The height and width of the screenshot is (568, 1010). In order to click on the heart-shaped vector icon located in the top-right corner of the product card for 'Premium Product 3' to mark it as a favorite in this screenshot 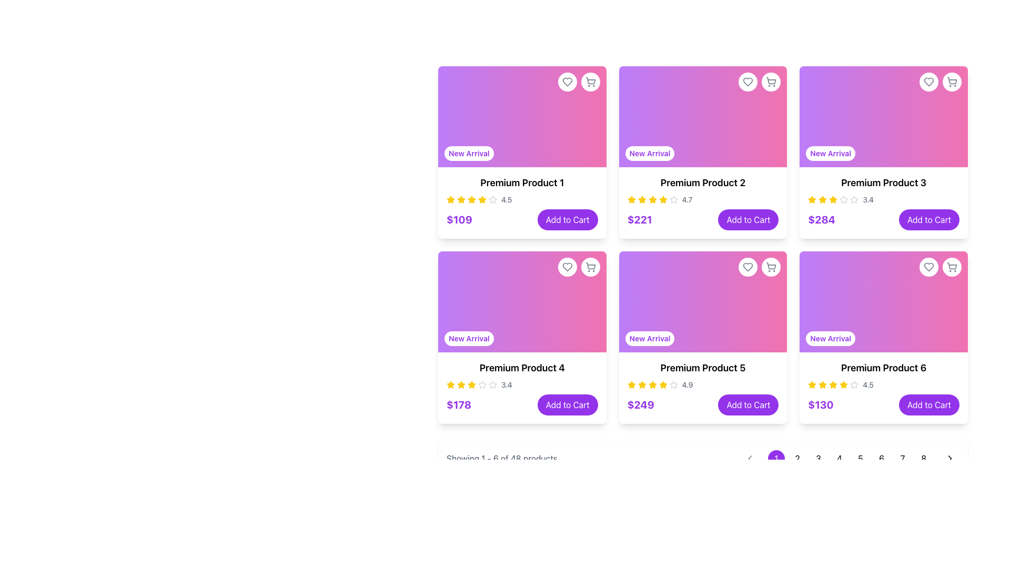, I will do `click(929, 81)`.